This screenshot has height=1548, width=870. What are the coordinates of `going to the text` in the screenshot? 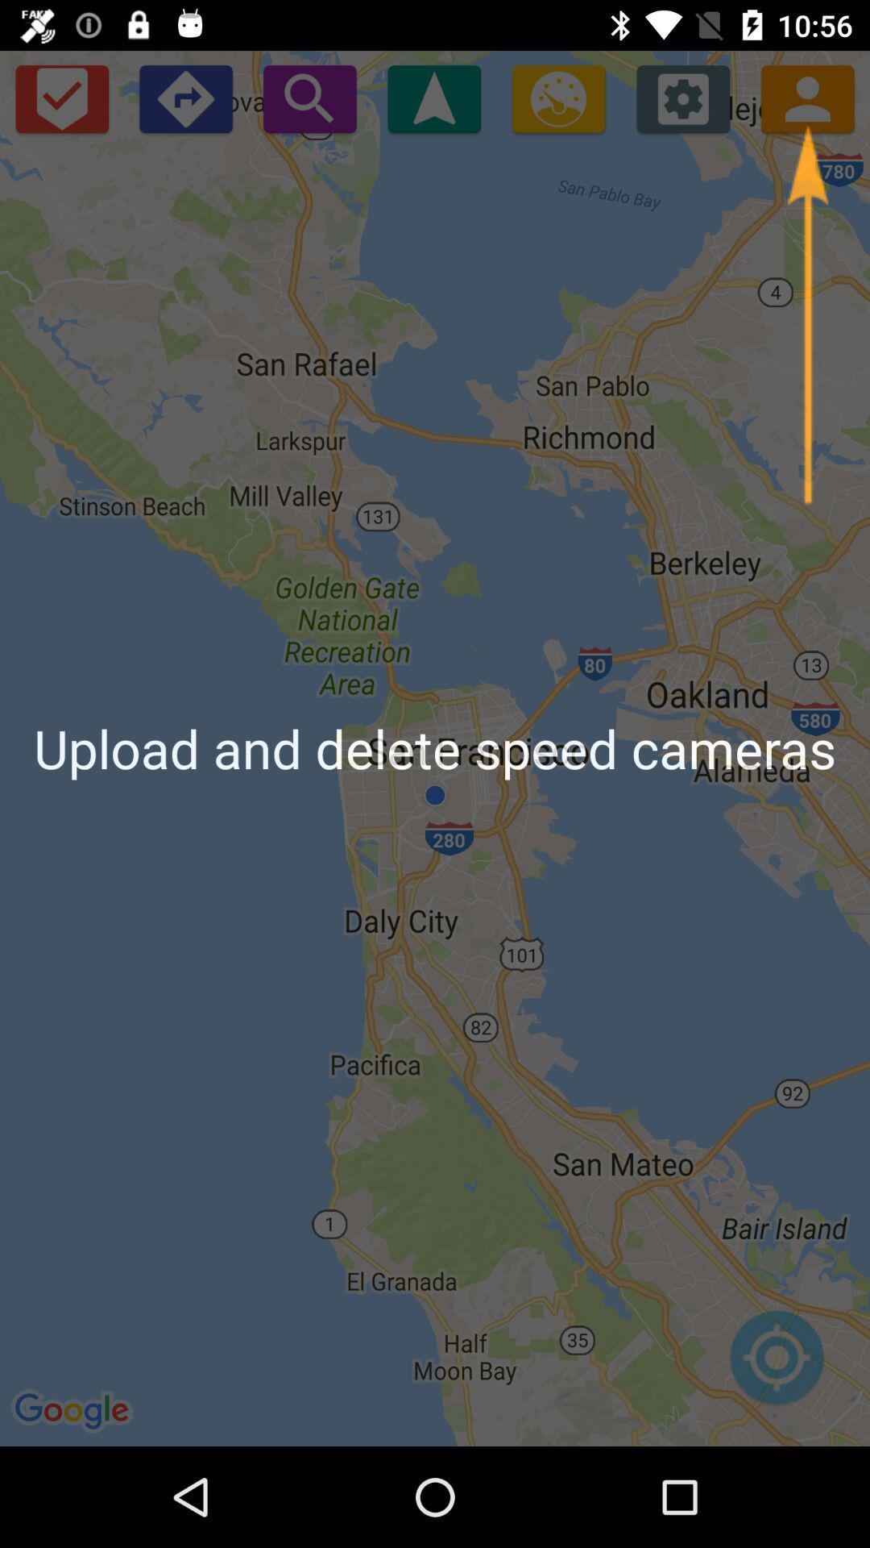 It's located at (433, 98).